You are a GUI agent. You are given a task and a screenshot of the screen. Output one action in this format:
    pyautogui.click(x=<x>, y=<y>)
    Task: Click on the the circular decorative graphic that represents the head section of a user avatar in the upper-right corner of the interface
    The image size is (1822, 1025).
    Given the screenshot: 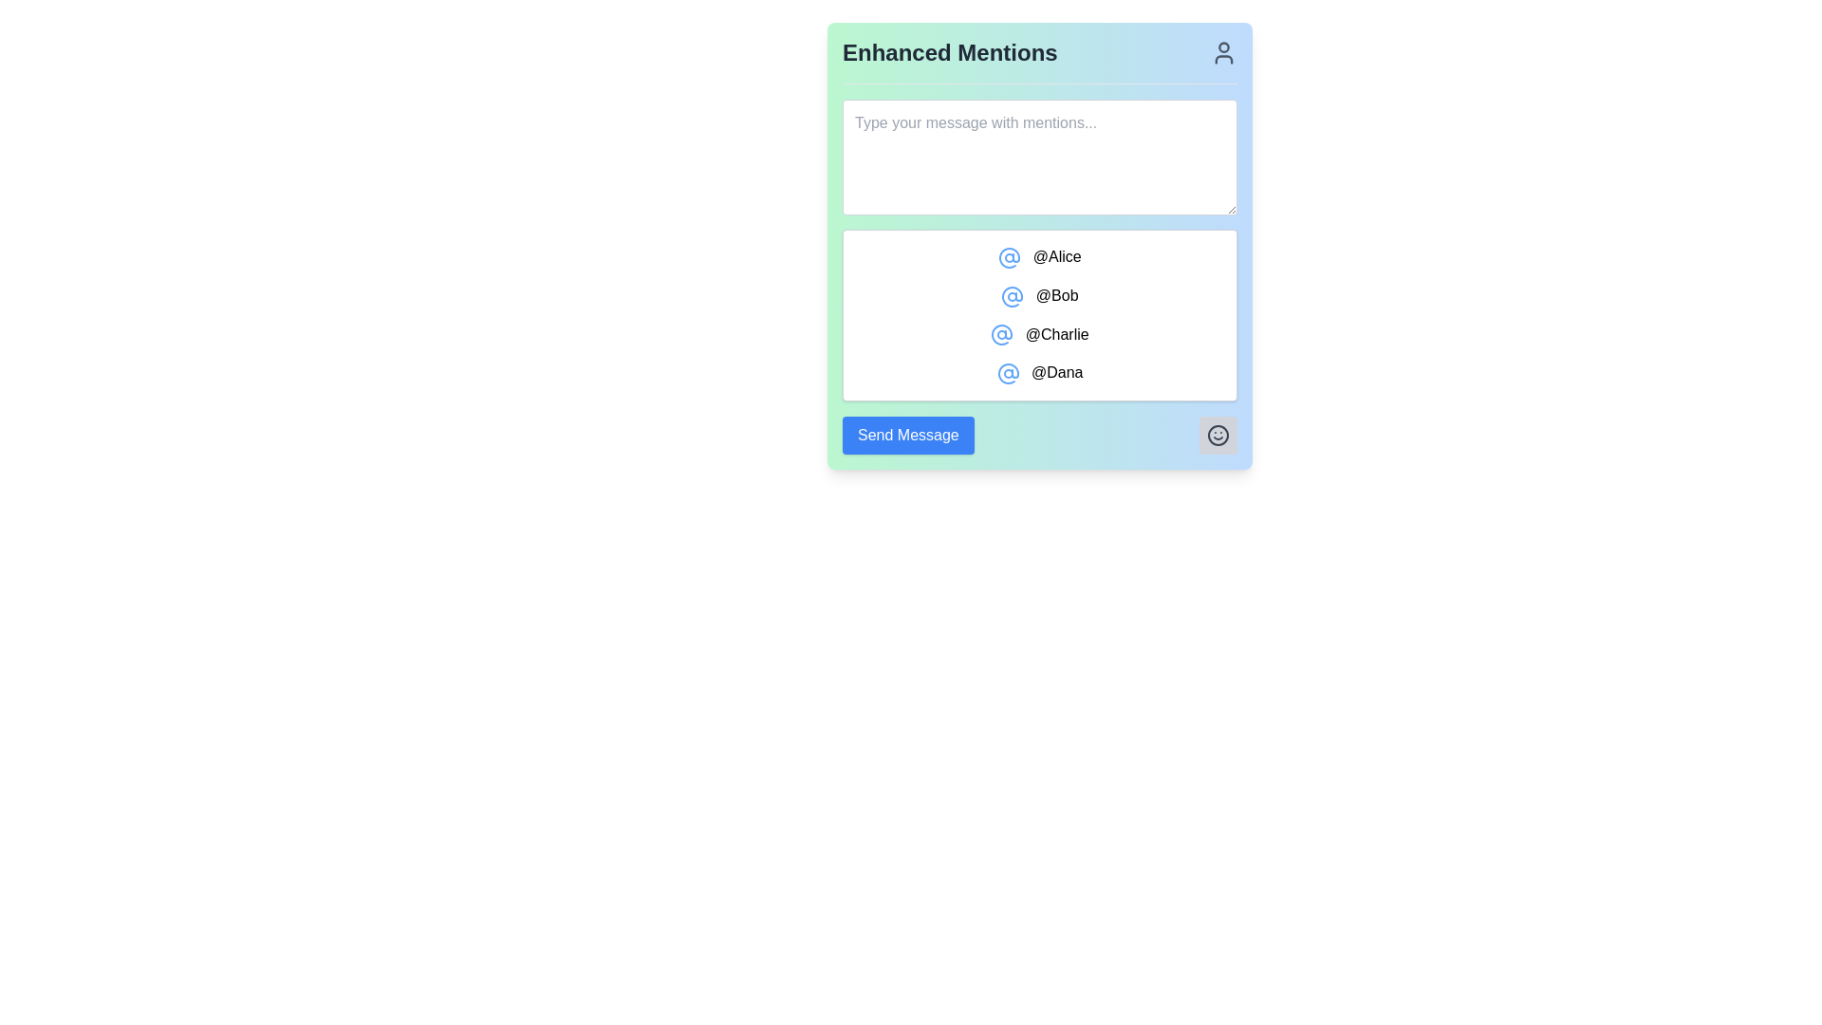 What is the action you would take?
    pyautogui.click(x=1224, y=47)
    